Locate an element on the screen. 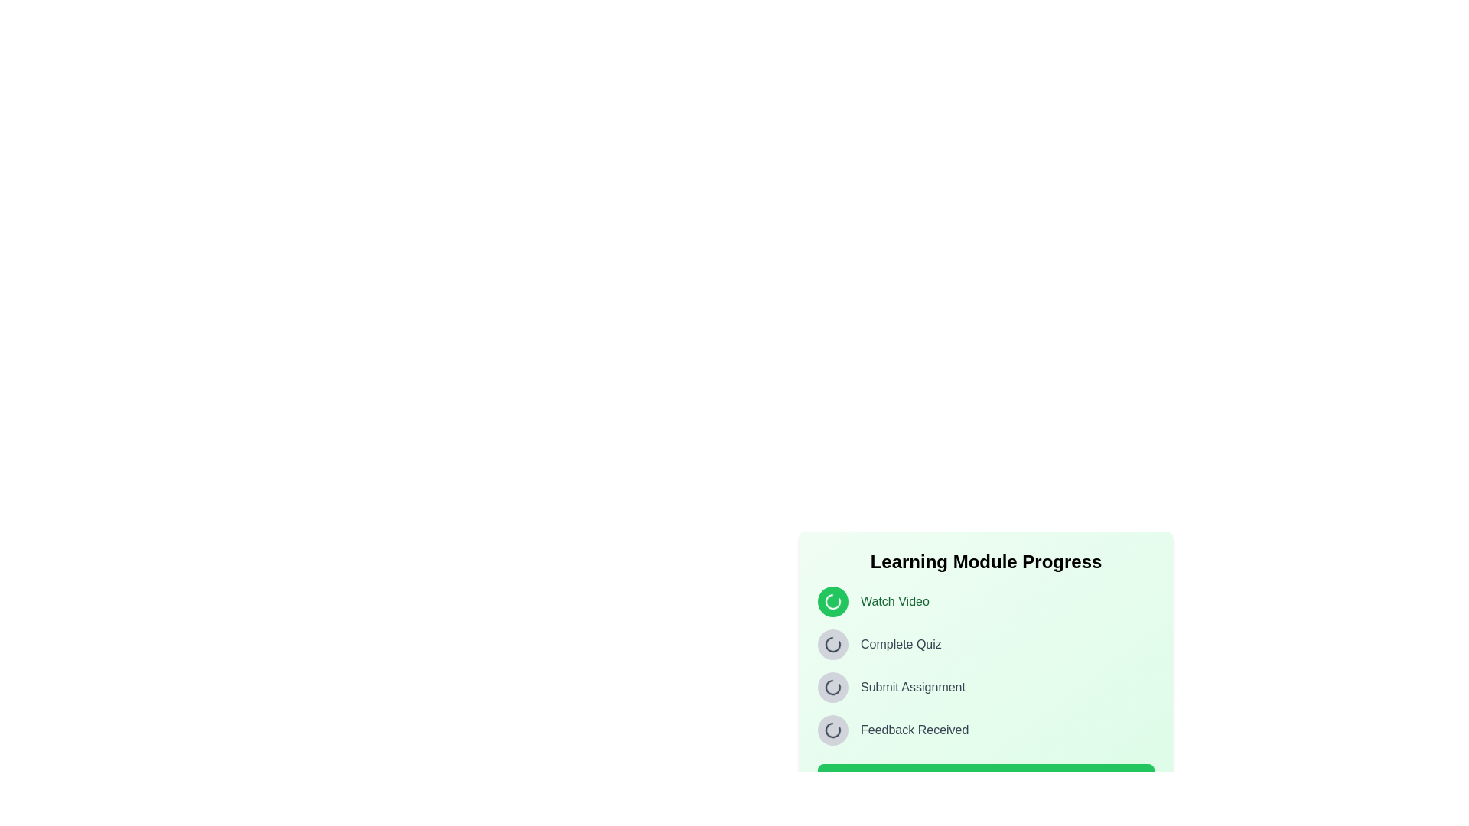  the 'Submit Assignment' progress step in the Information Indicator is located at coordinates (986, 686).